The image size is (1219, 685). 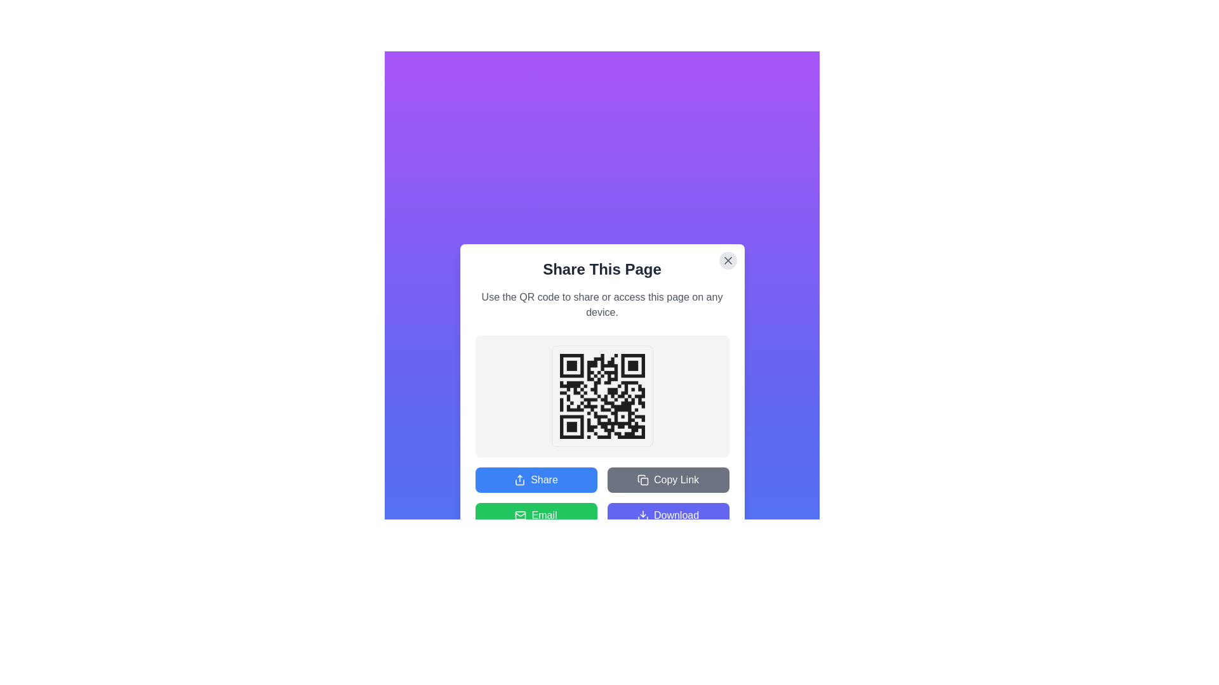 What do you see at coordinates (521, 516) in the screenshot?
I see `the email action icon within the Email button` at bounding box center [521, 516].